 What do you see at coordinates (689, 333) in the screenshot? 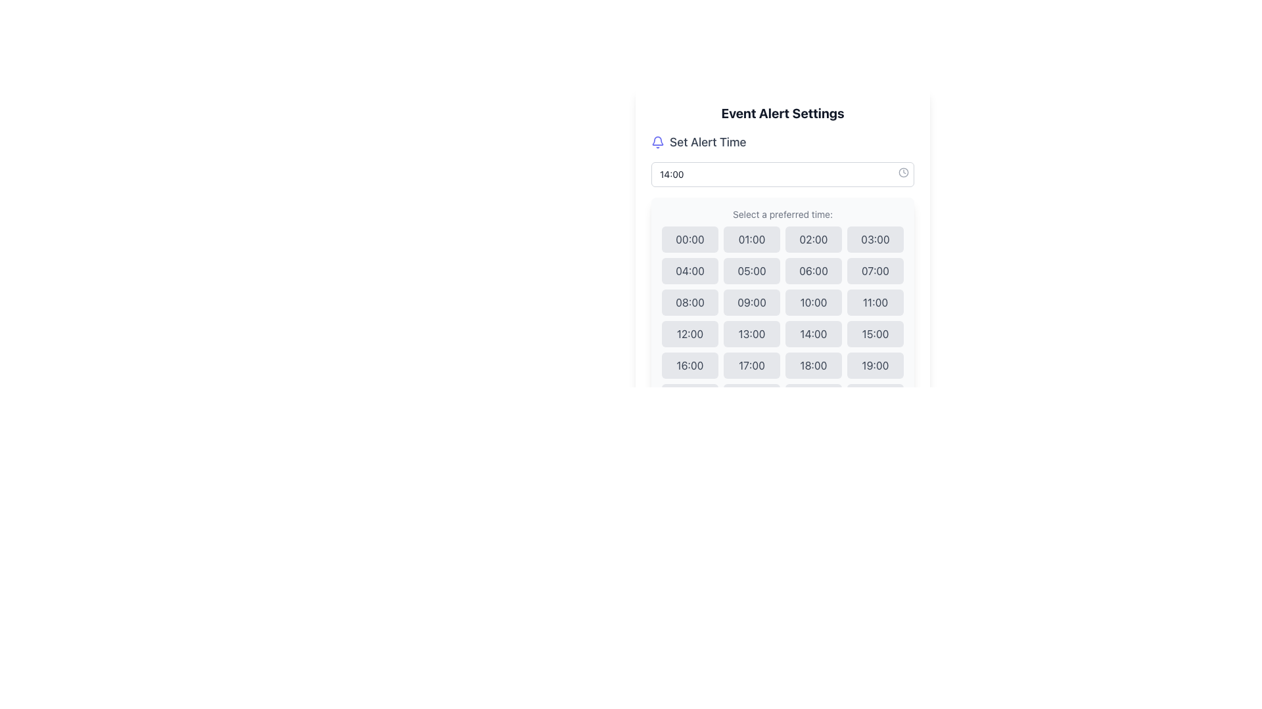
I see `the button labeled '12:00'` at bounding box center [689, 333].